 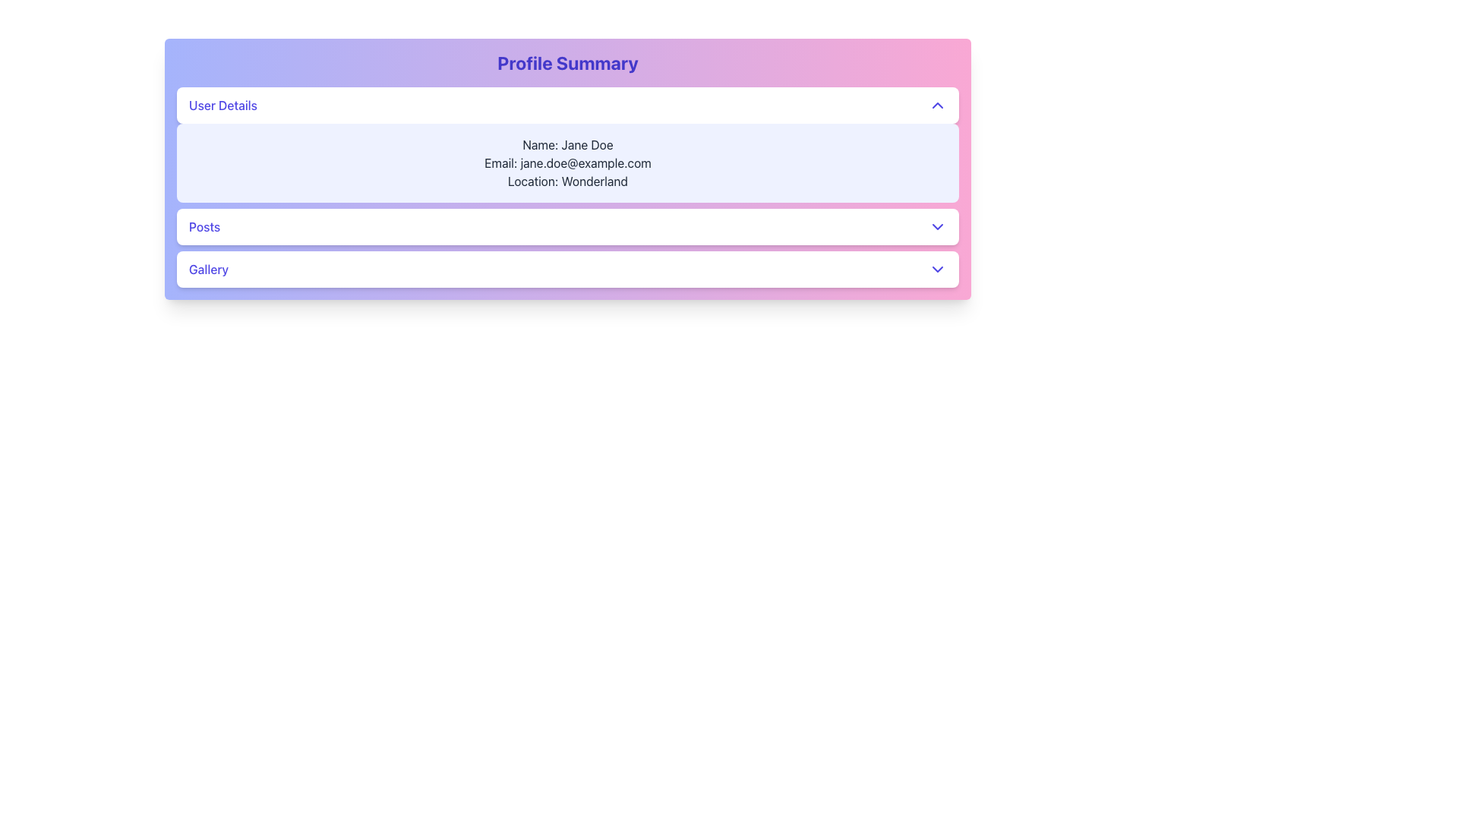 I want to click on the static text display element that shows the user's name, which is the first among its sibling elements in the 'Profile Summary' section under 'User Details', so click(x=567, y=145).